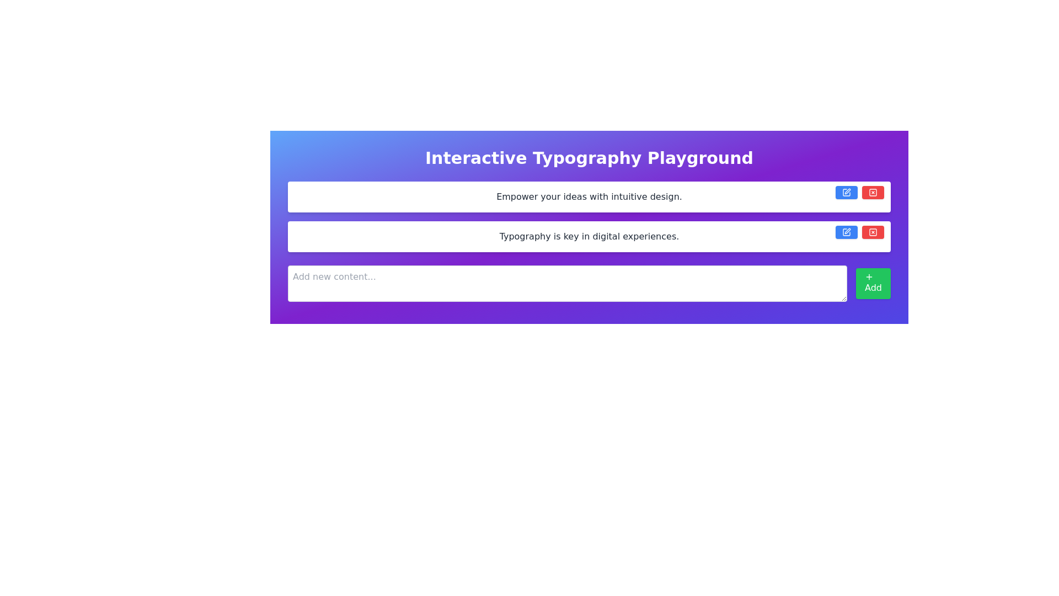  I want to click on the 'Add' button icon located at the bottom right of the interface, which visually represents the 'Add' functionality, so click(868, 276).